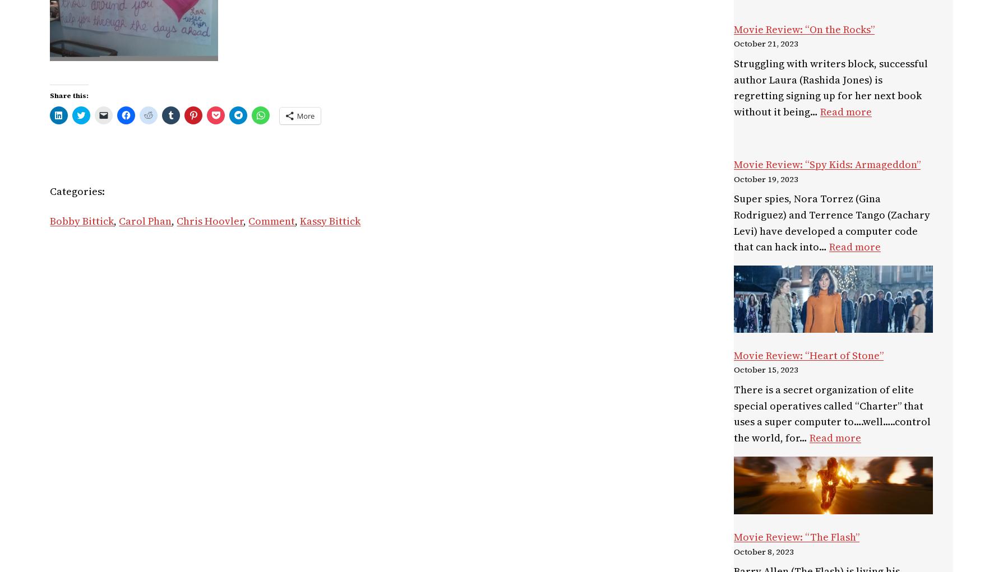  I want to click on 'October 15, 2023', so click(766, 369).